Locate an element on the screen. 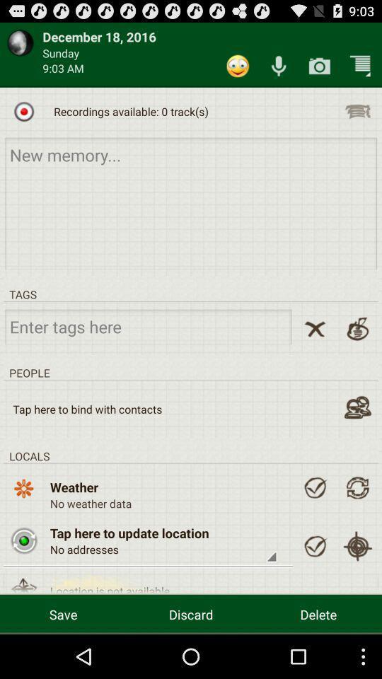 The width and height of the screenshot is (382, 679). the list icon is located at coordinates (357, 118).